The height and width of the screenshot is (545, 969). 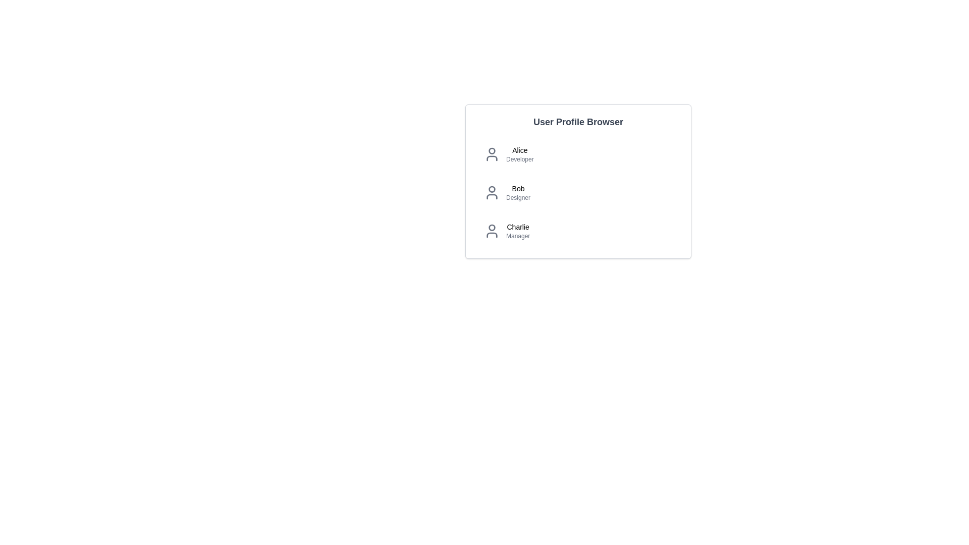 What do you see at coordinates (492, 192) in the screenshot?
I see `the user icon represented as a standard gray silhouette located in the row labeled 'Bob Designer'` at bounding box center [492, 192].